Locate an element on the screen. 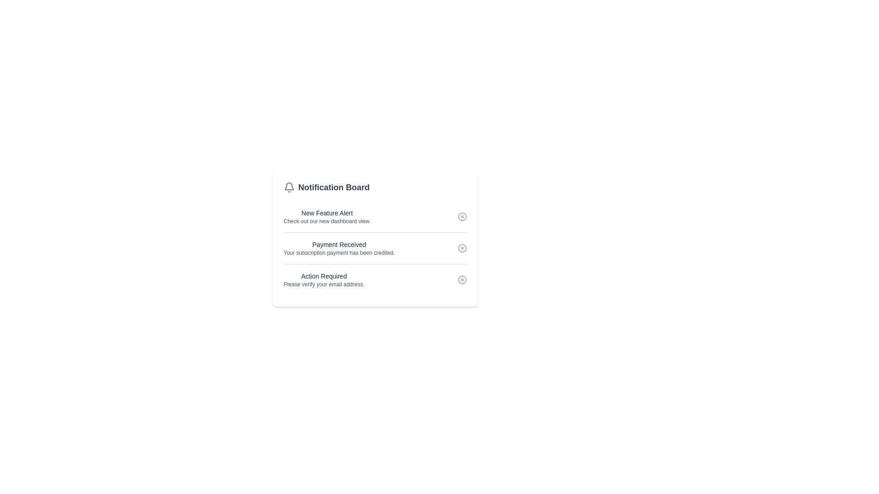 This screenshot has width=879, height=494. the gray outlined bell icon representing notifications, located in the upper left corner of the 'Notification Board' section is located at coordinates (288, 187).